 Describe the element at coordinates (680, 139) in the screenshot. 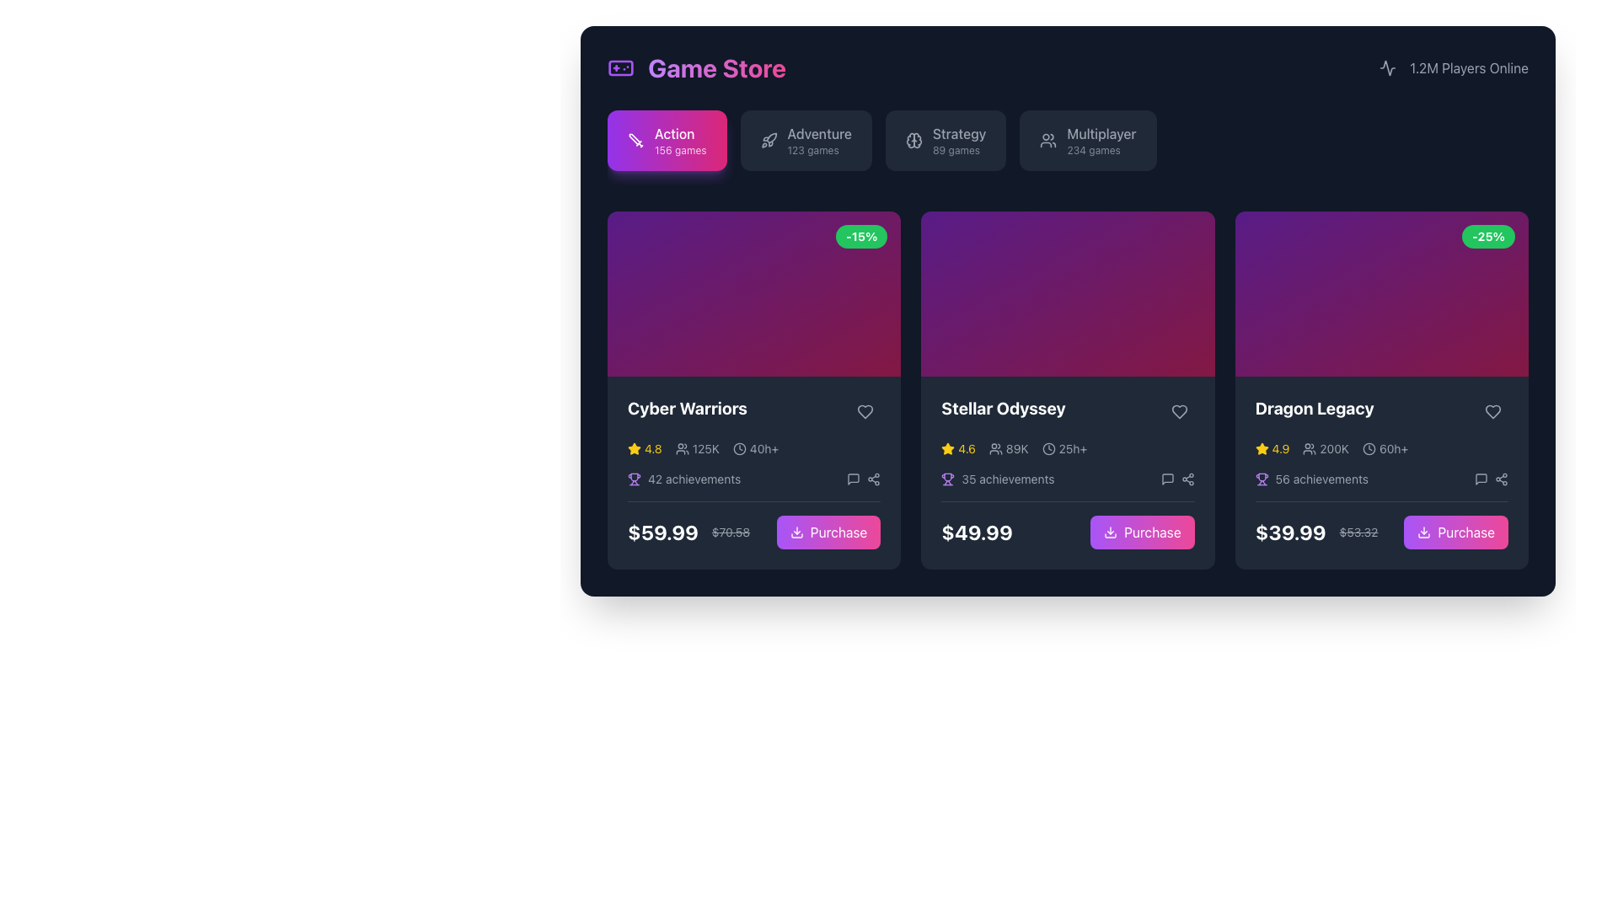

I see `text 'Action 156 games' from the text label within the gradient button located at the top-left part of the interface` at that location.